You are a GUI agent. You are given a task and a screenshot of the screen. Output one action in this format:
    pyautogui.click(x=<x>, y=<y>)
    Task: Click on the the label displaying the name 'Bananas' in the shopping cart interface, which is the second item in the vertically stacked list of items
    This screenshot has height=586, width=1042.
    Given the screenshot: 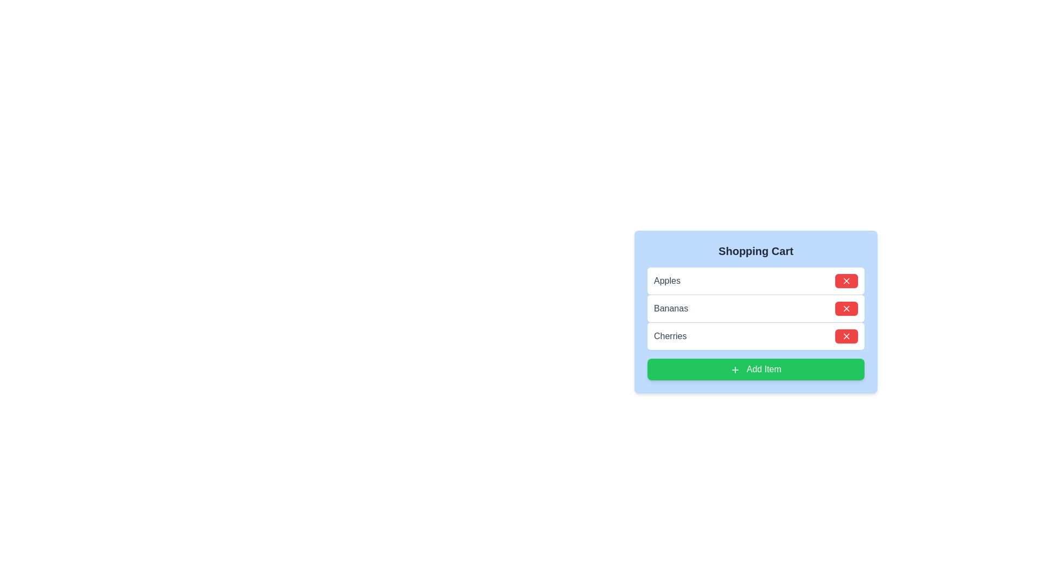 What is the action you would take?
    pyautogui.click(x=670, y=309)
    